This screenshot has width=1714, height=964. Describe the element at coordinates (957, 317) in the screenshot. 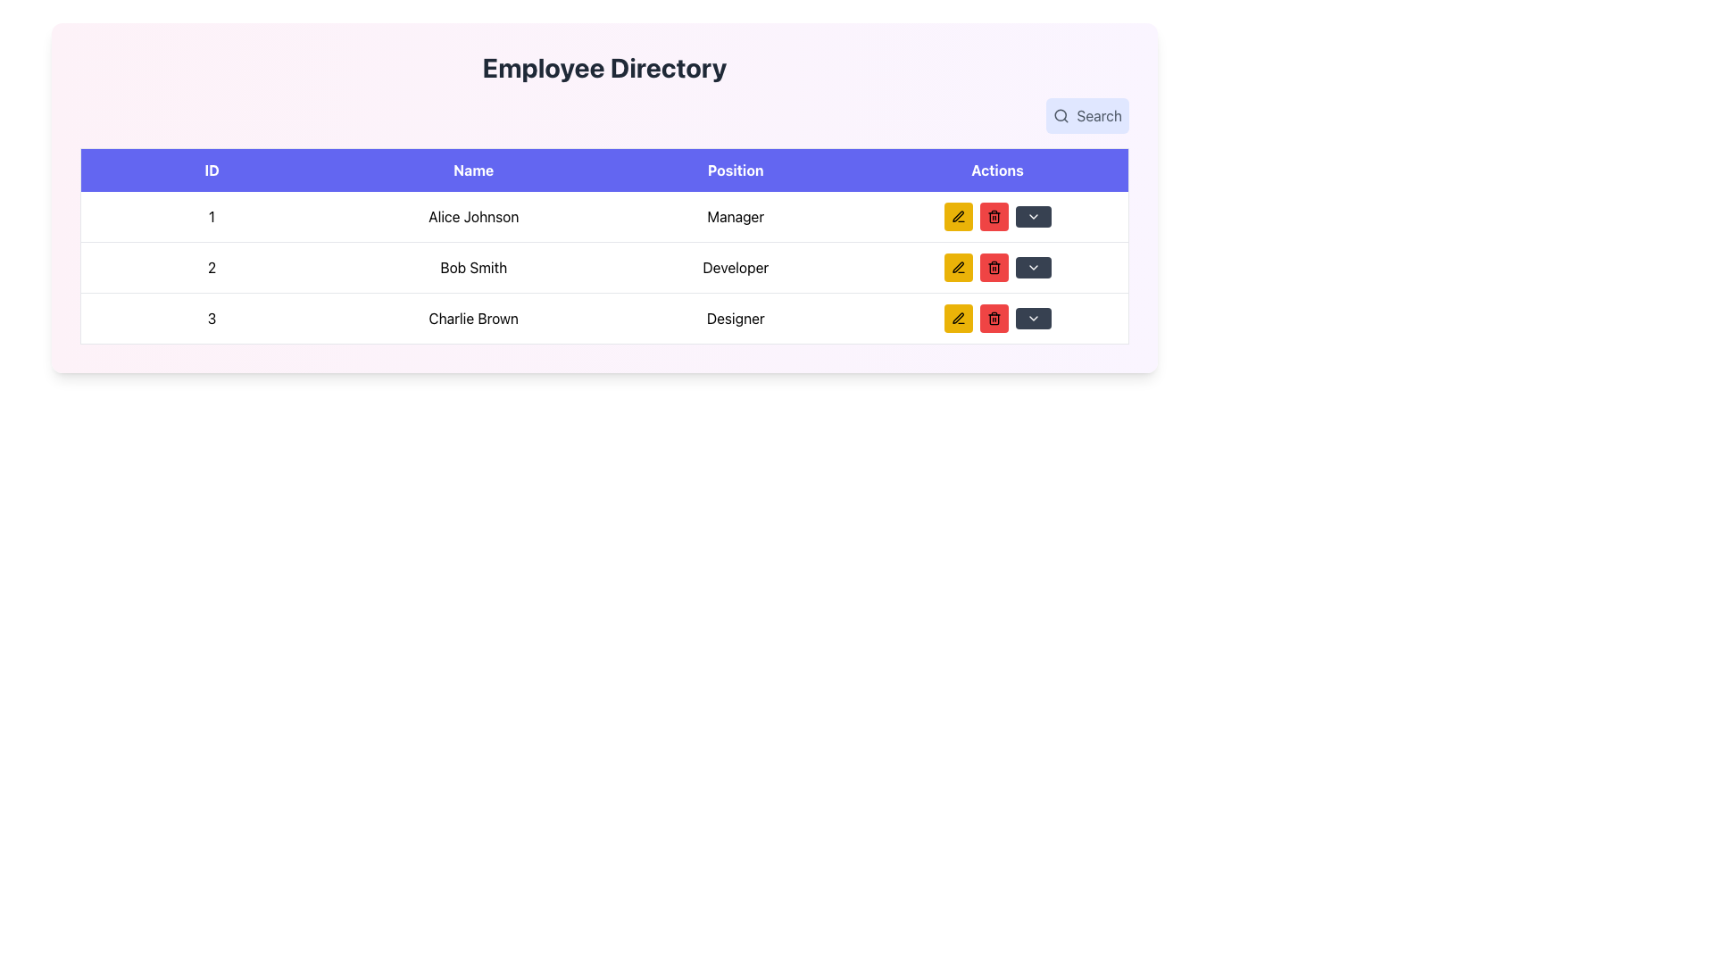

I see `the pen-like icon button with a yellow background in the actions section for employee 'Bob Smith'` at that location.